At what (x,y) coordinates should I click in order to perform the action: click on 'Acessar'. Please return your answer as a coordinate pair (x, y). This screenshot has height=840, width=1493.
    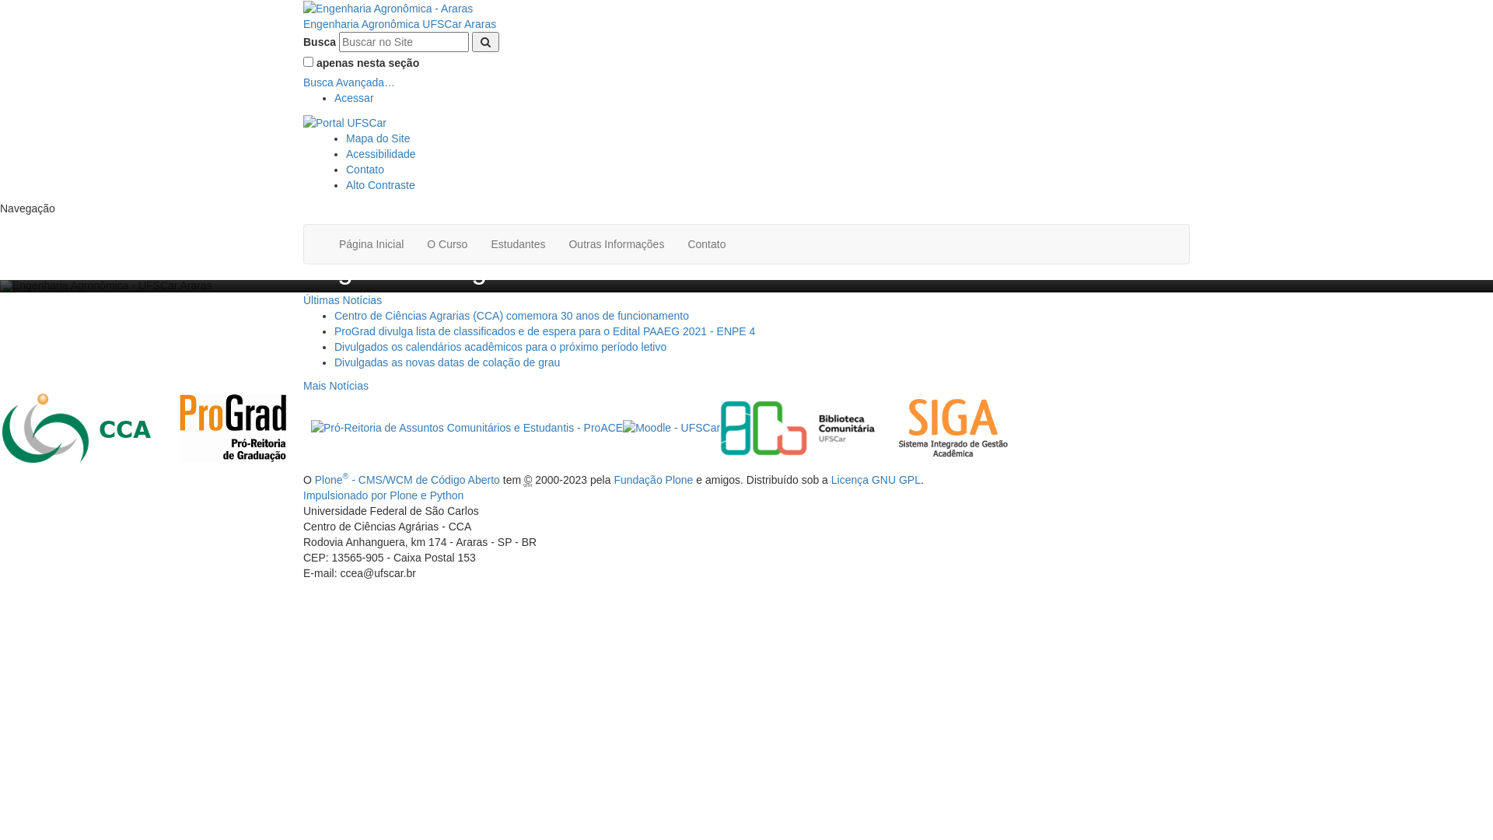
    Looking at the image, I should click on (353, 98).